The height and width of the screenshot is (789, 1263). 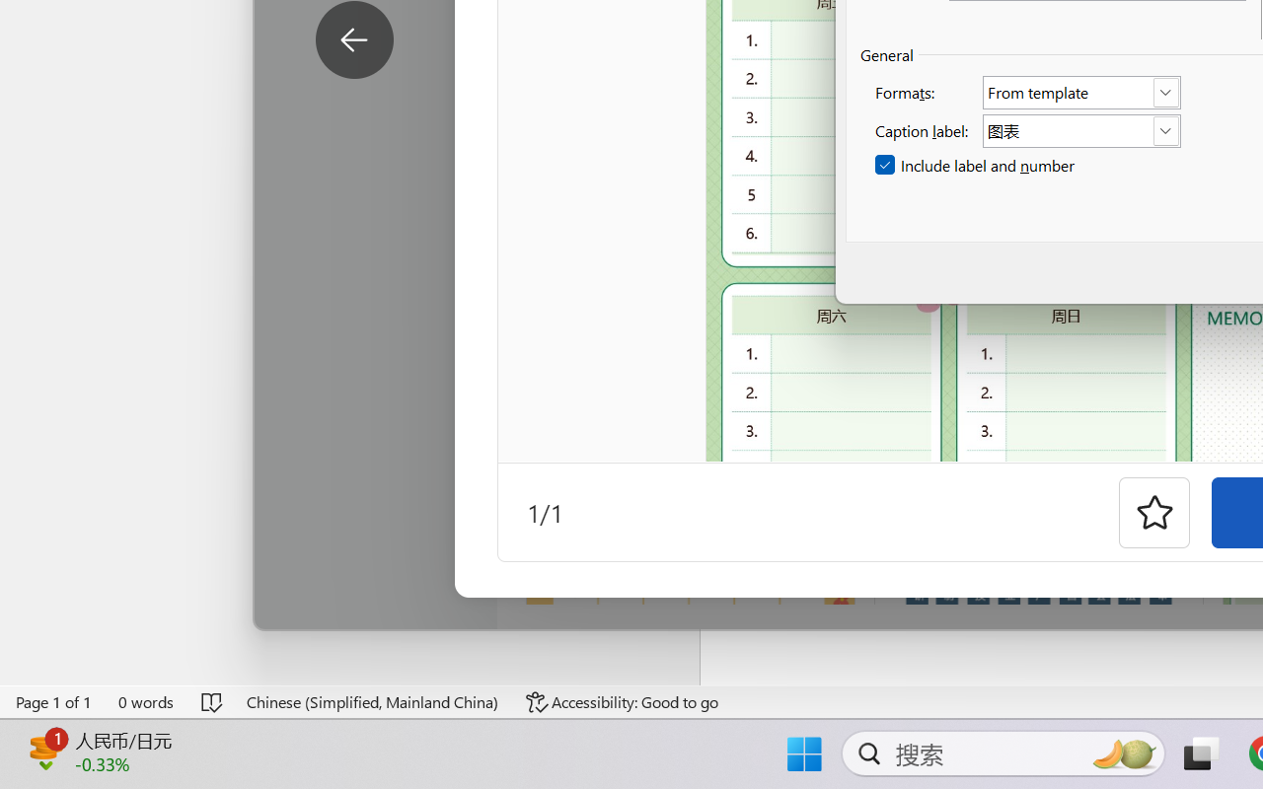 What do you see at coordinates (977, 165) in the screenshot?
I see `'Include label and number'` at bounding box center [977, 165].